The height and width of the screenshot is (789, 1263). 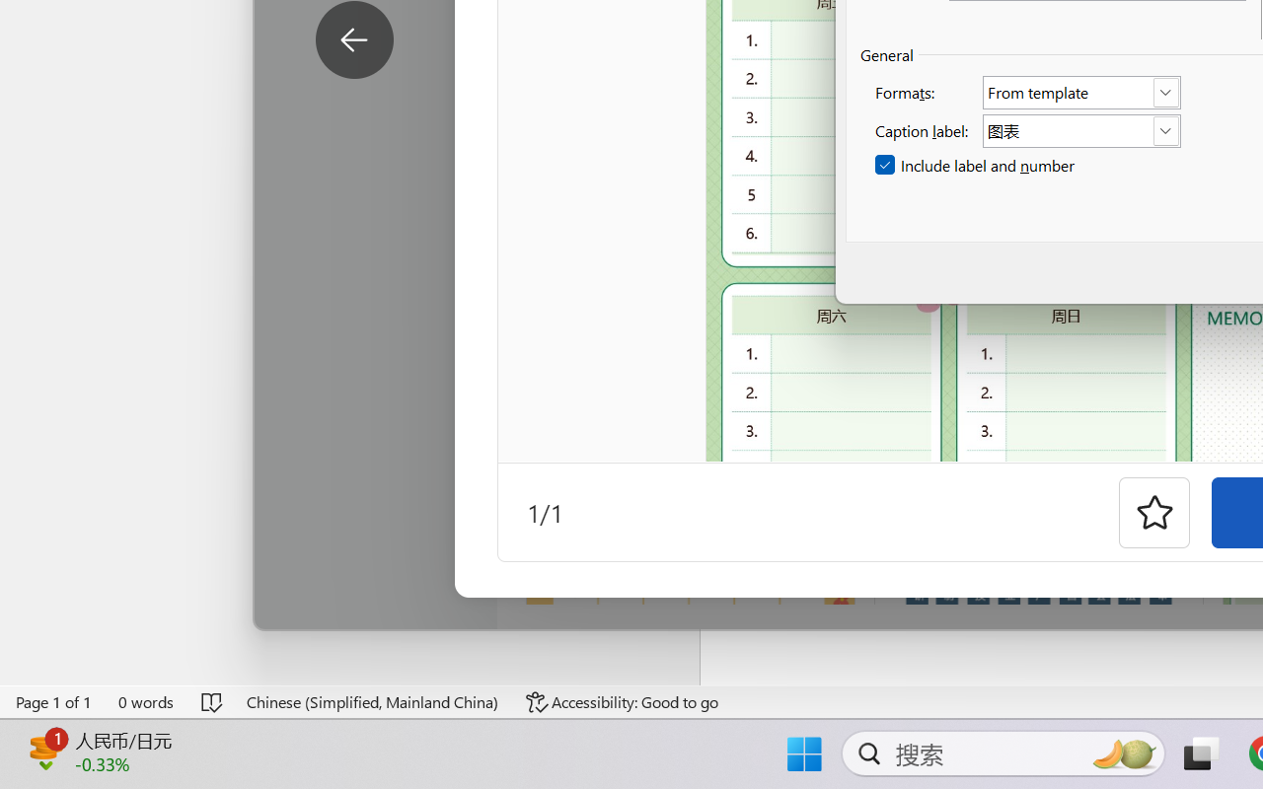 What do you see at coordinates (977, 165) in the screenshot?
I see `'Include label and number'` at bounding box center [977, 165].